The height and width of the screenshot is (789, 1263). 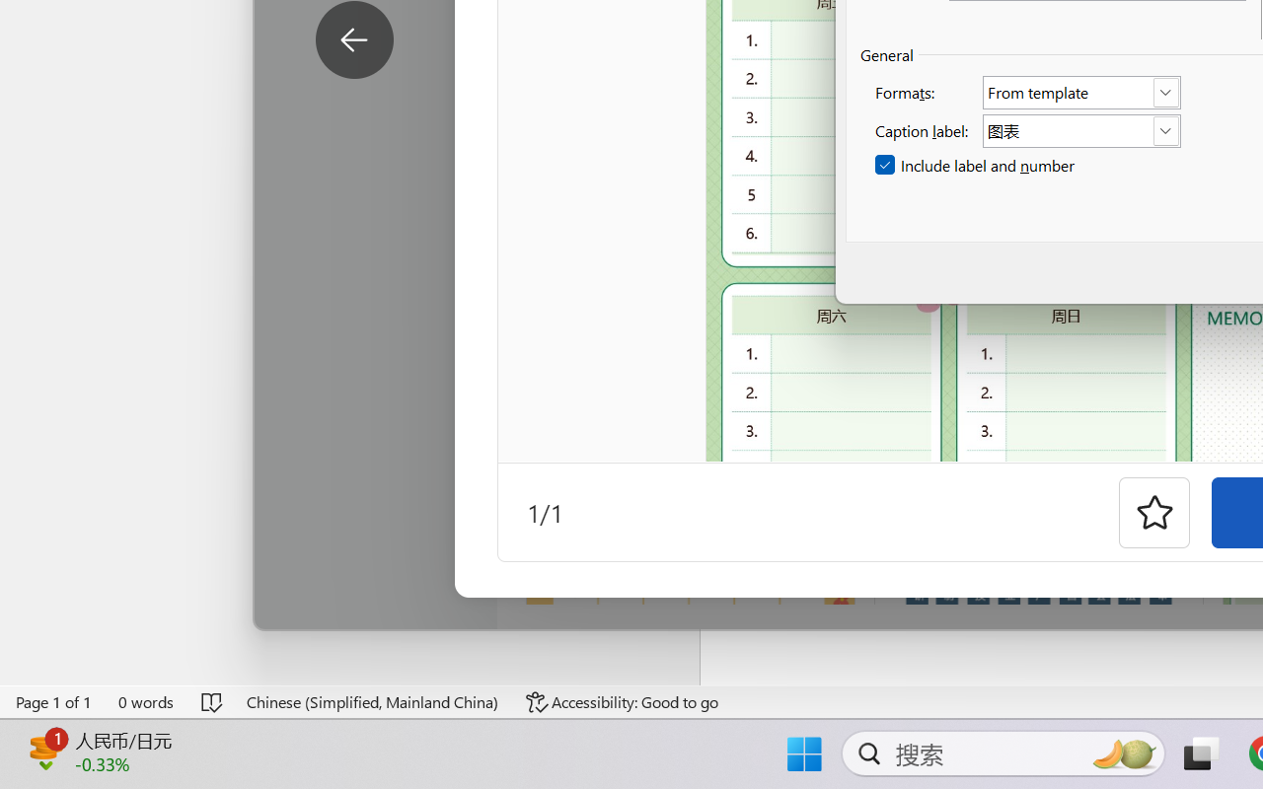 What do you see at coordinates (977, 165) in the screenshot?
I see `'Include label and number'` at bounding box center [977, 165].